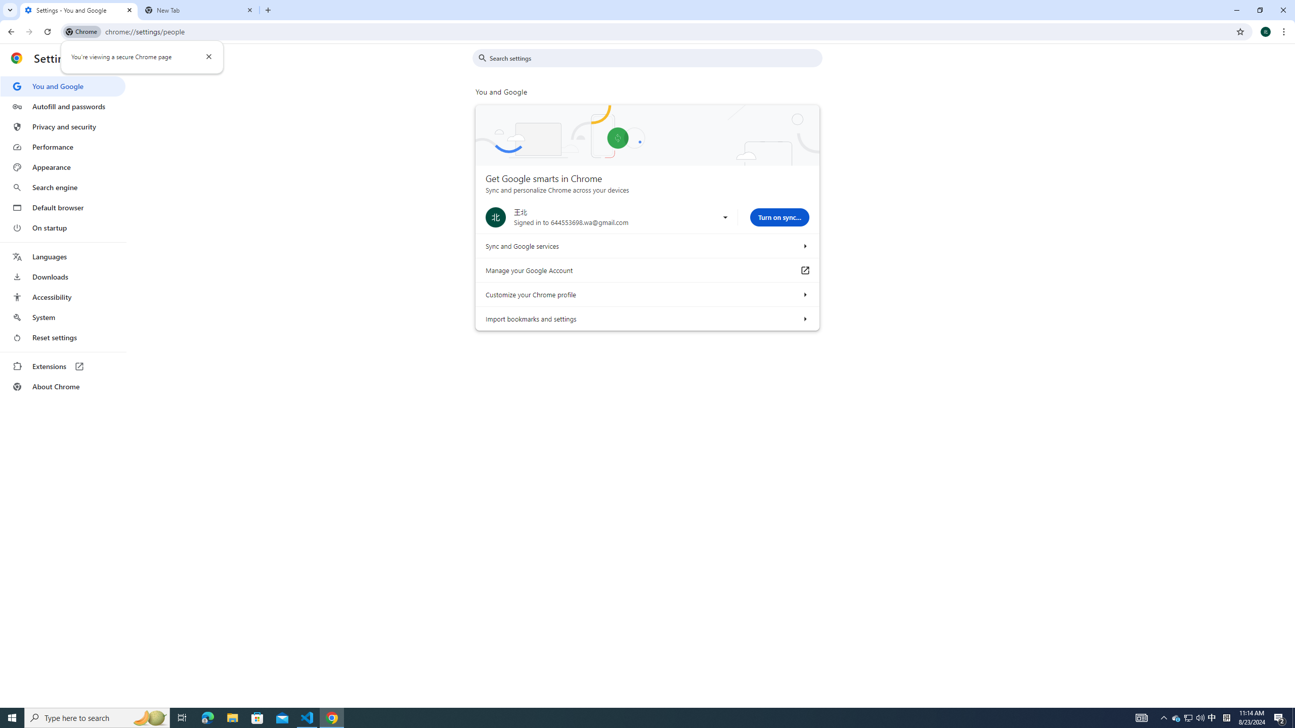  What do you see at coordinates (62, 207) in the screenshot?
I see `'Default browser'` at bounding box center [62, 207].